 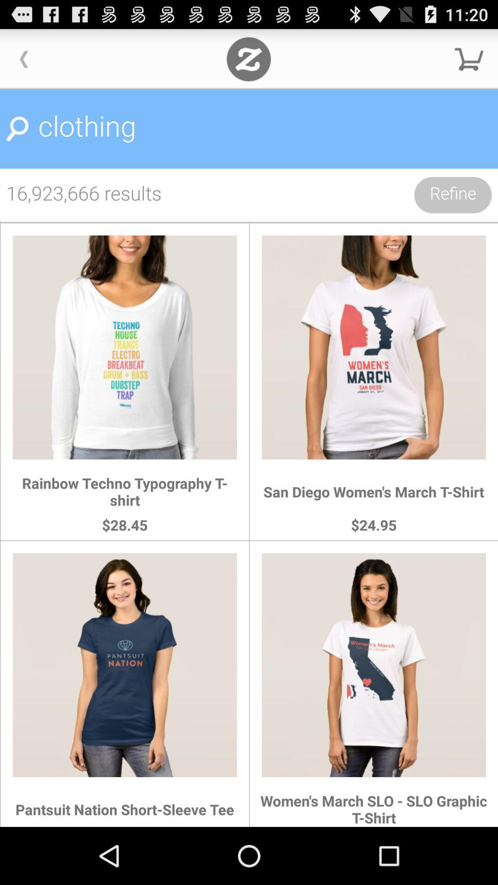 I want to click on the refine icon, so click(x=452, y=195).